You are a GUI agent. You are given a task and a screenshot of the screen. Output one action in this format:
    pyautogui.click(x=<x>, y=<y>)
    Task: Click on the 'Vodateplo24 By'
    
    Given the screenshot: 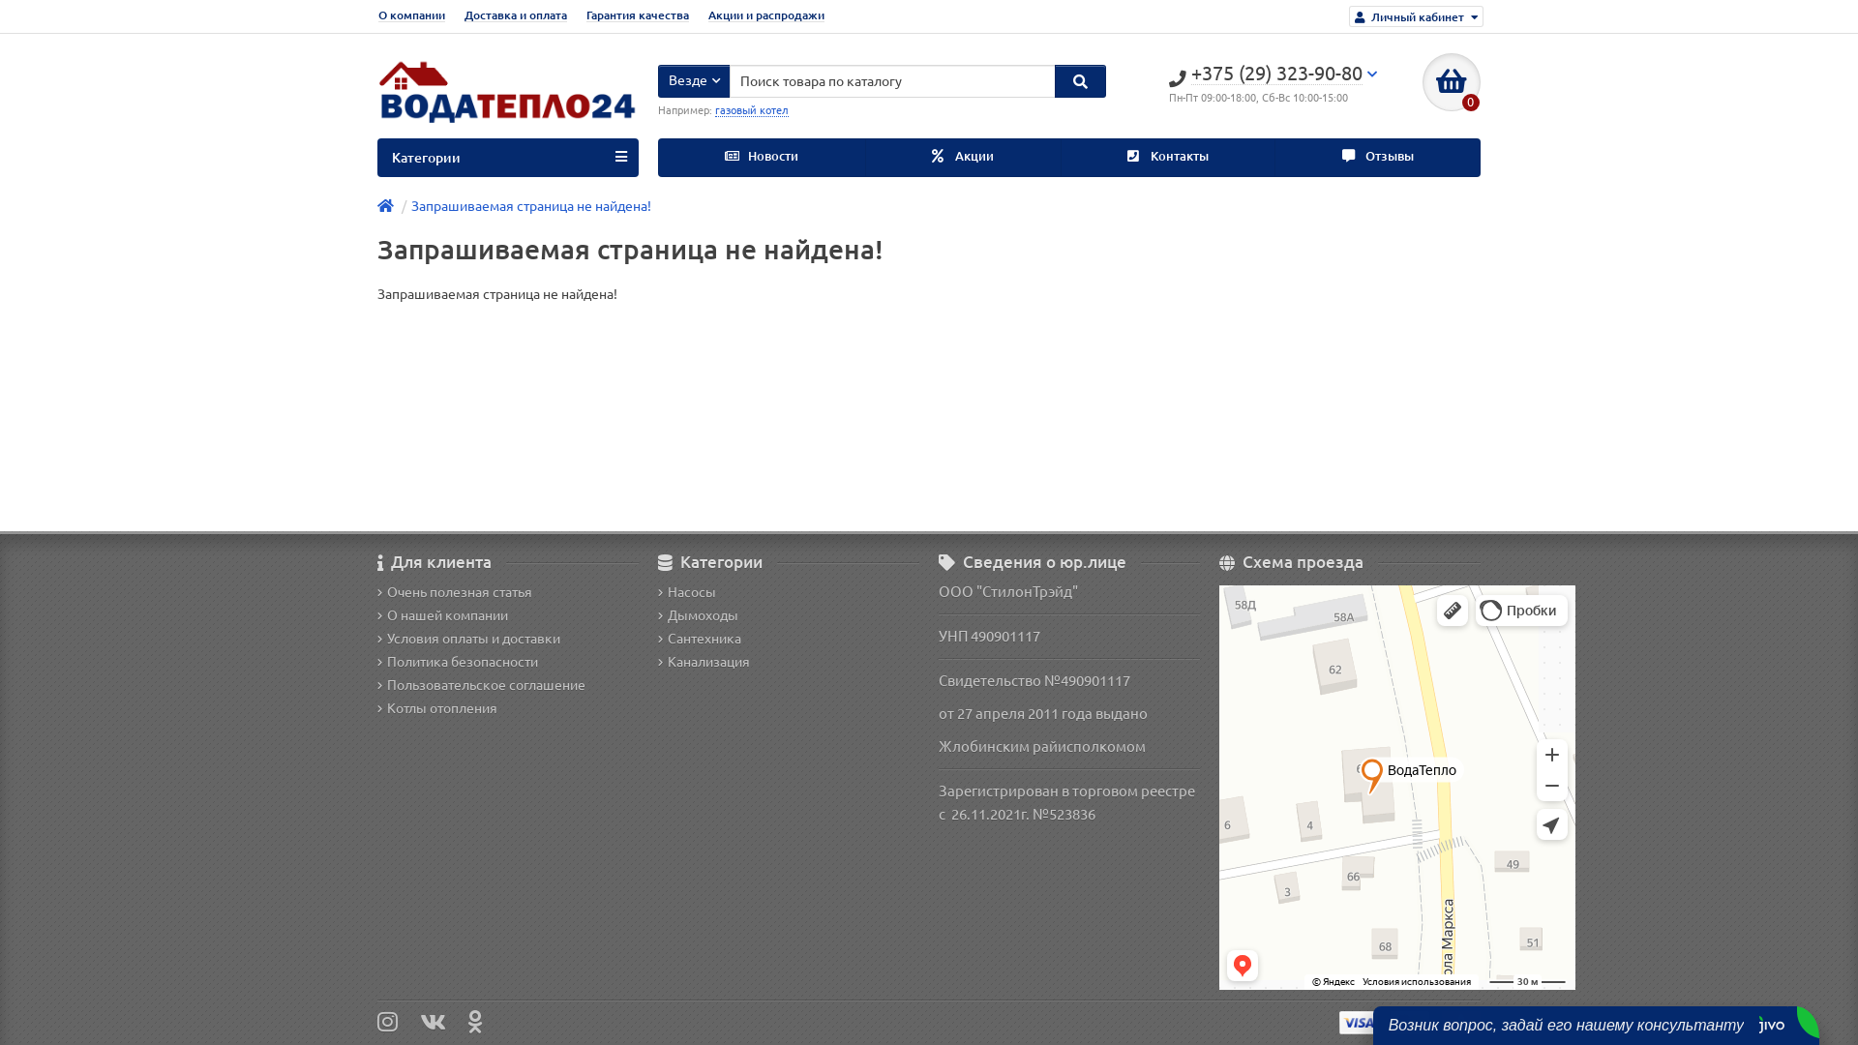 What is the action you would take?
    pyautogui.click(x=376, y=98)
    